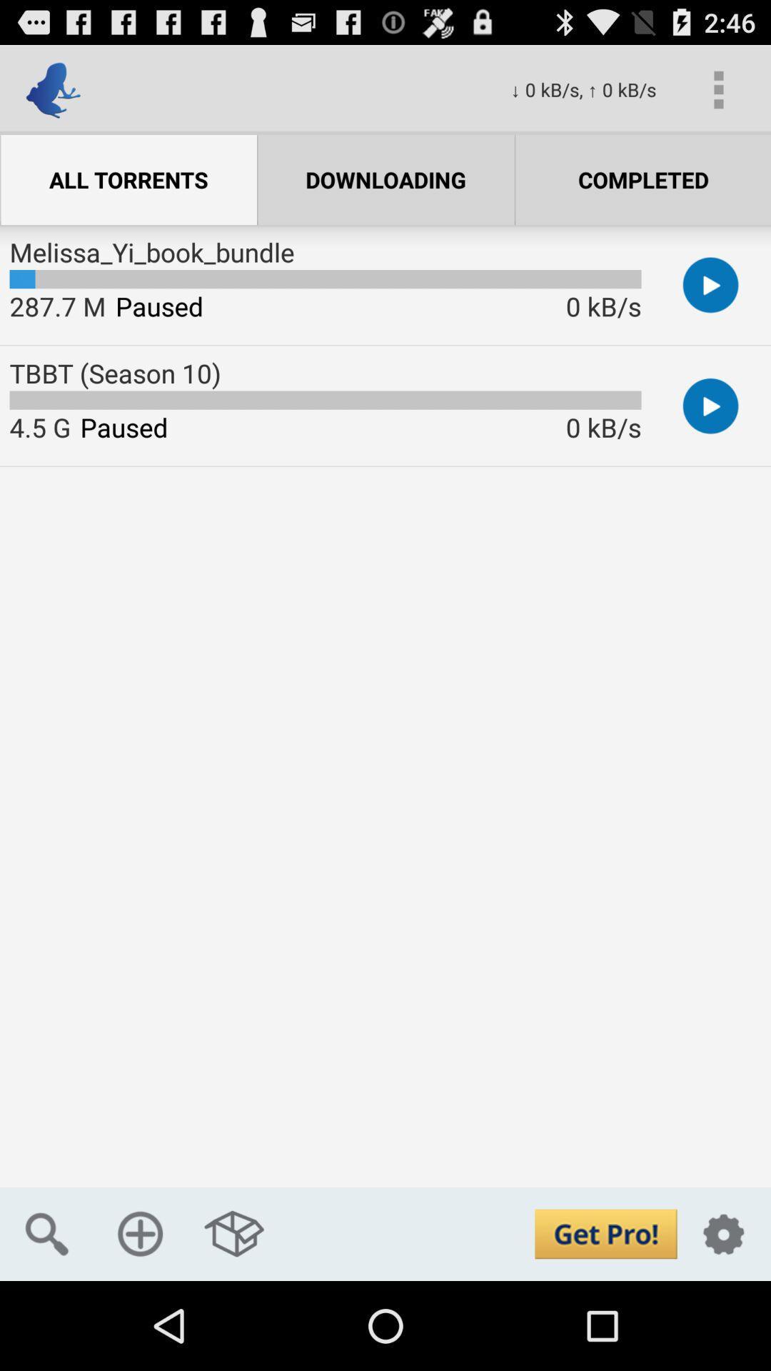 The width and height of the screenshot is (771, 1371). What do you see at coordinates (386, 179) in the screenshot?
I see `the button which is to the right side of the all torrents` at bounding box center [386, 179].